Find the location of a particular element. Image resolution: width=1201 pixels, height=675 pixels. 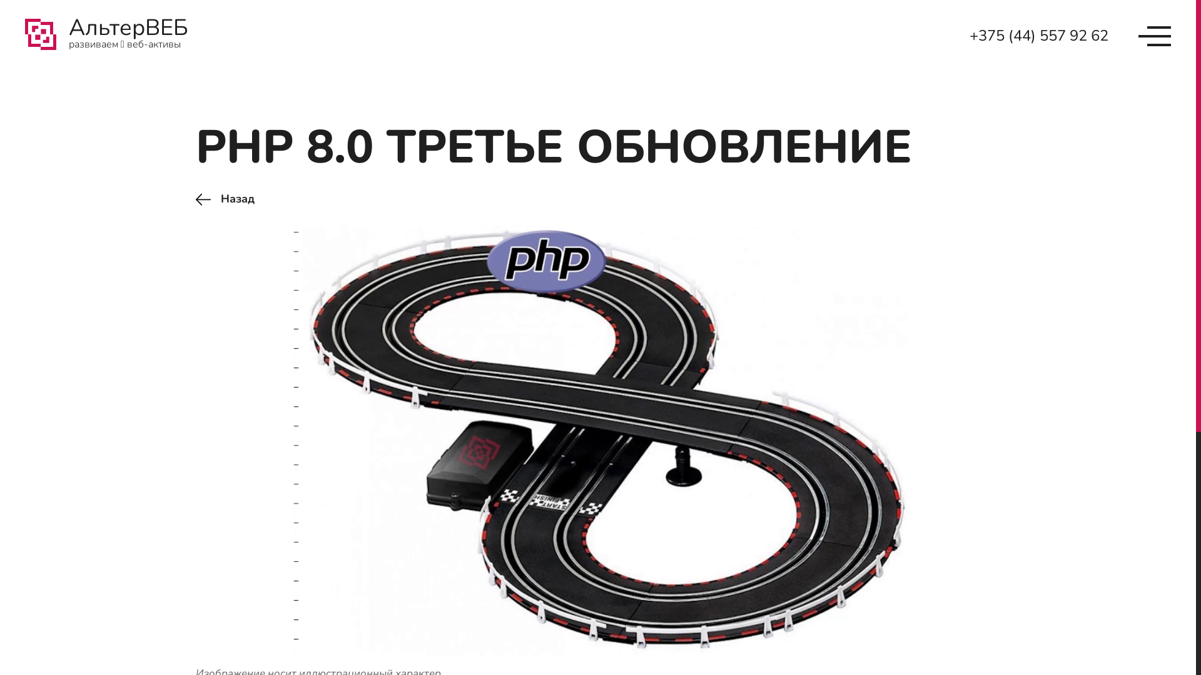

'+375 (44) 557 92 62' is located at coordinates (1038, 35).